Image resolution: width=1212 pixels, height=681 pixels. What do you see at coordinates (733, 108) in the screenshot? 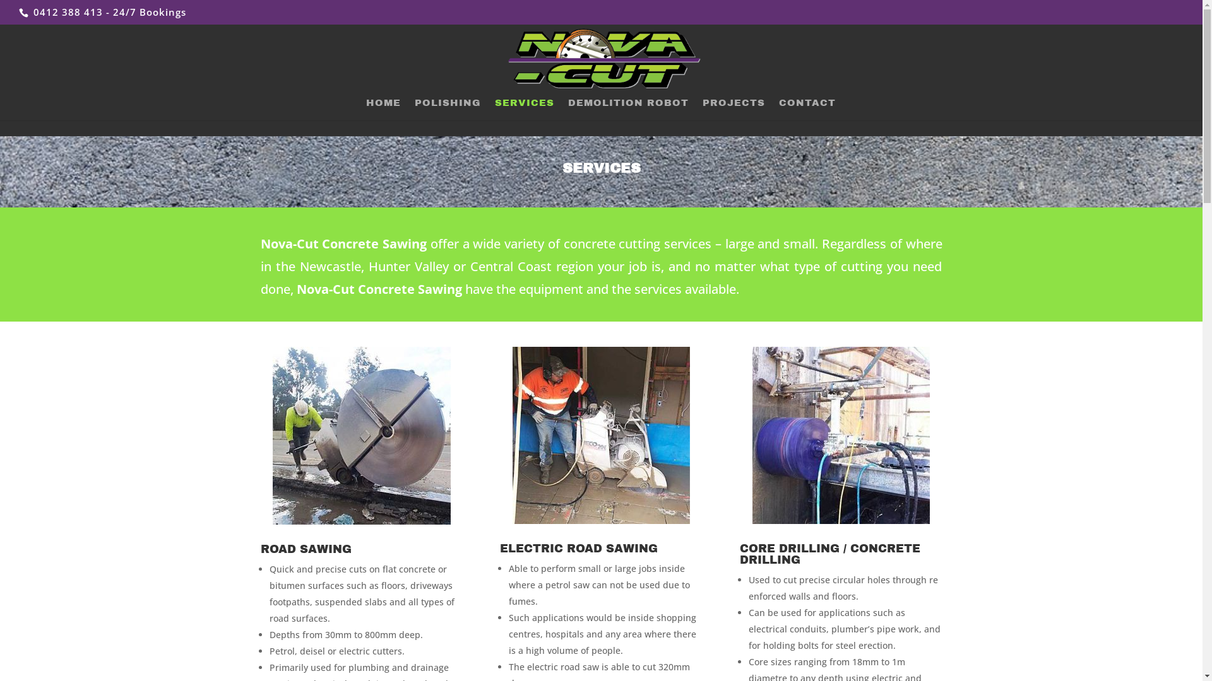
I see `'PROJECTS'` at bounding box center [733, 108].